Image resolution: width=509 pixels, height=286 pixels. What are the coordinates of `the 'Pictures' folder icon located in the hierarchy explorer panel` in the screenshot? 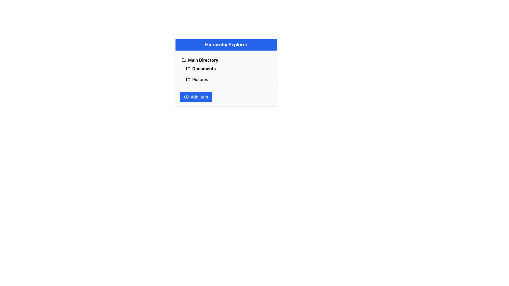 It's located at (188, 79).